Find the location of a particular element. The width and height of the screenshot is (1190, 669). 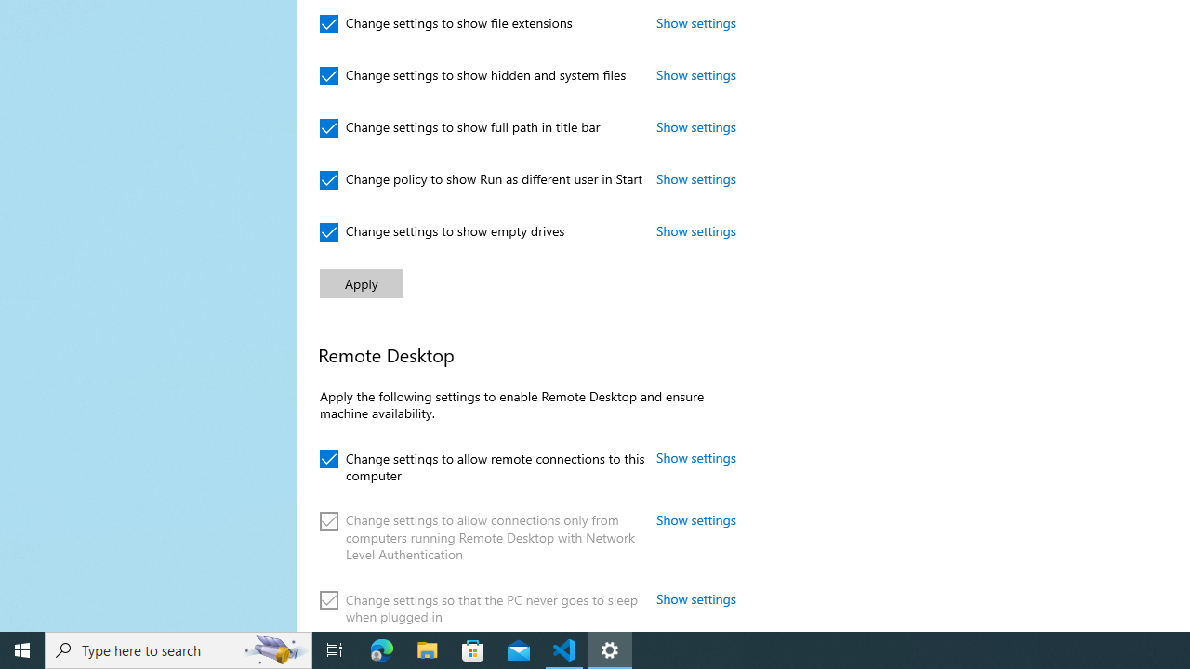

'Show settings: Change settings to show empty drives' is located at coordinates (695, 230).